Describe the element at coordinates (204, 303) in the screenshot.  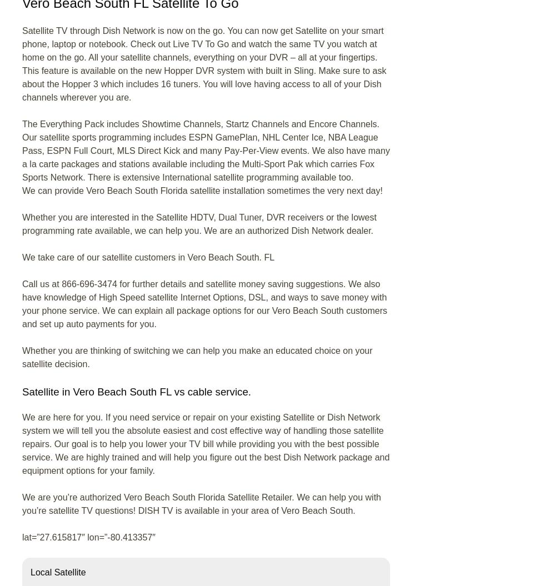
I see `'Call us at 866-696-3474 for further details and satellite money saving suggestions. We also have knowledge of High Speed satellite Internet Options, DSL, and ways to save money with your phone service. We can explain all package options for our Vero Beach South customers and set up auto payments for you.'` at that location.